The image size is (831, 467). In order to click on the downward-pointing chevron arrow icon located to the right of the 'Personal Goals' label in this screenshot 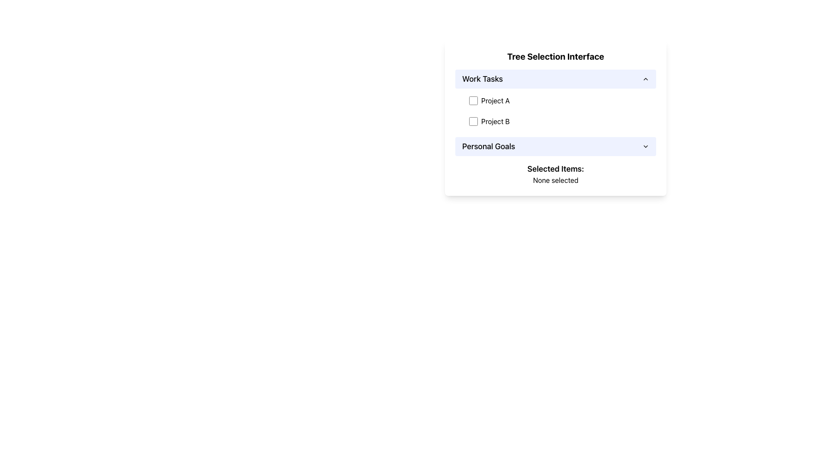, I will do `click(646, 146)`.